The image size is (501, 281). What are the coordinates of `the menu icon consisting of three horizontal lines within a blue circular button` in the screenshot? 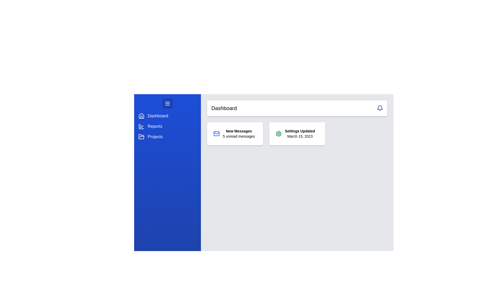 It's located at (168, 103).